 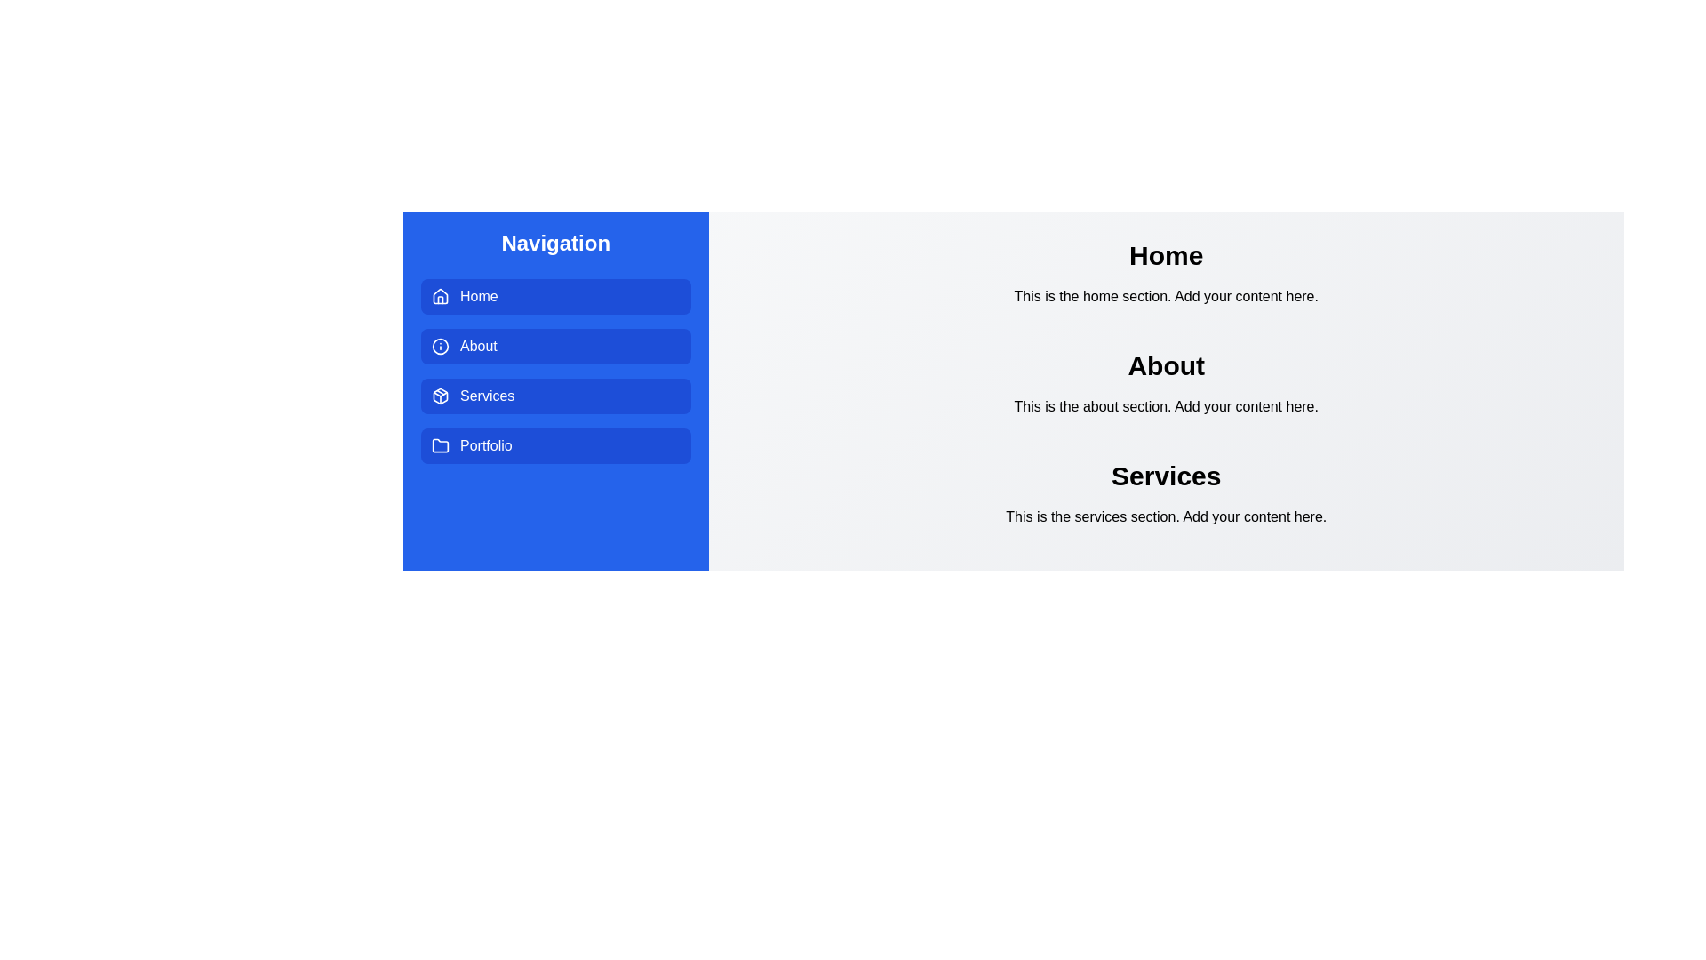 I want to click on the navigation button that takes the user to the Services section, located between the 'About' button and the 'Portfolio' button in the vertical list of navigation options, so click(x=554, y=396).